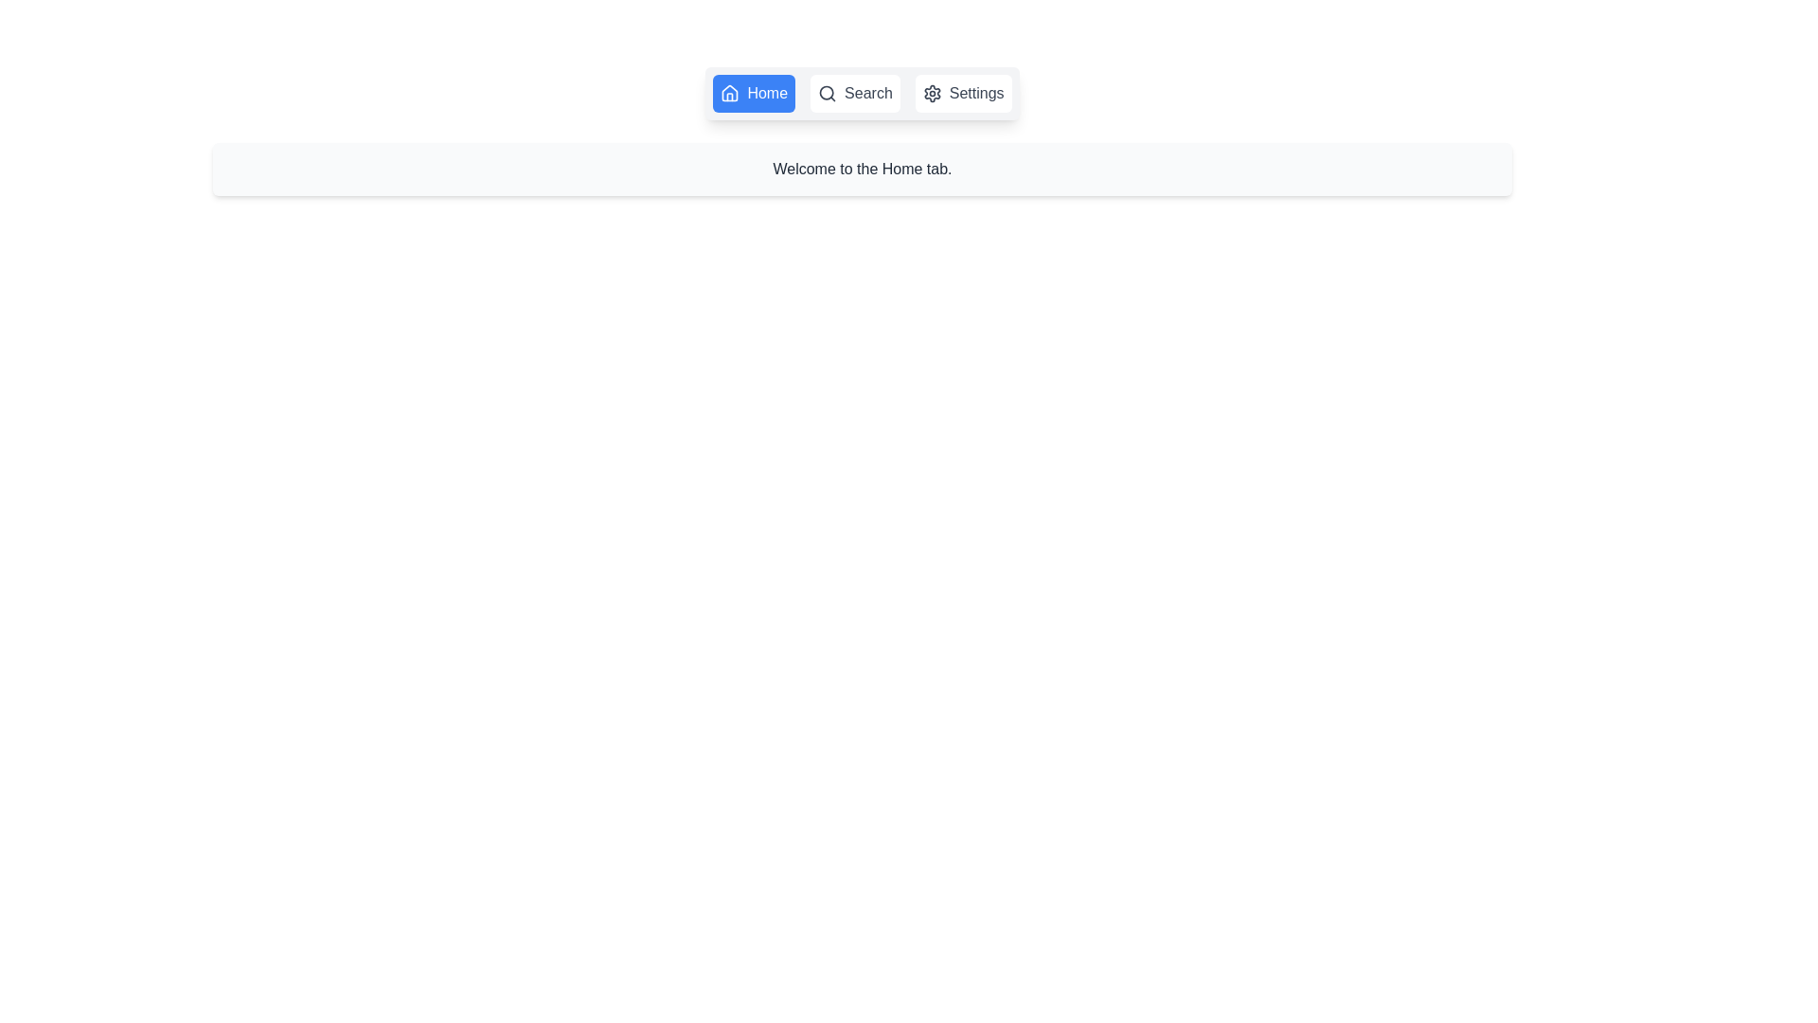  I want to click on the 'Settings' button, which is a rectangular button with a white background and gray text, so click(963, 94).